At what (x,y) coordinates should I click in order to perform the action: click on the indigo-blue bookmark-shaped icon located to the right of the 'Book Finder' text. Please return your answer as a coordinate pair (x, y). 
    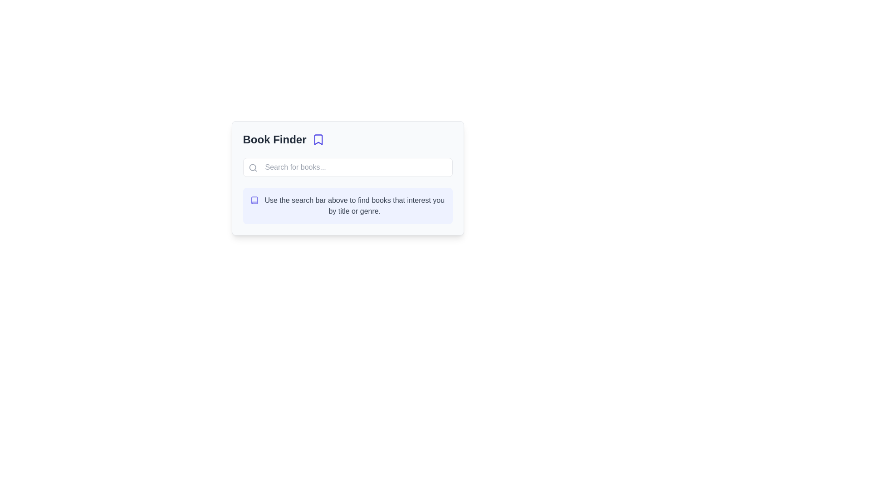
    Looking at the image, I should click on (318, 140).